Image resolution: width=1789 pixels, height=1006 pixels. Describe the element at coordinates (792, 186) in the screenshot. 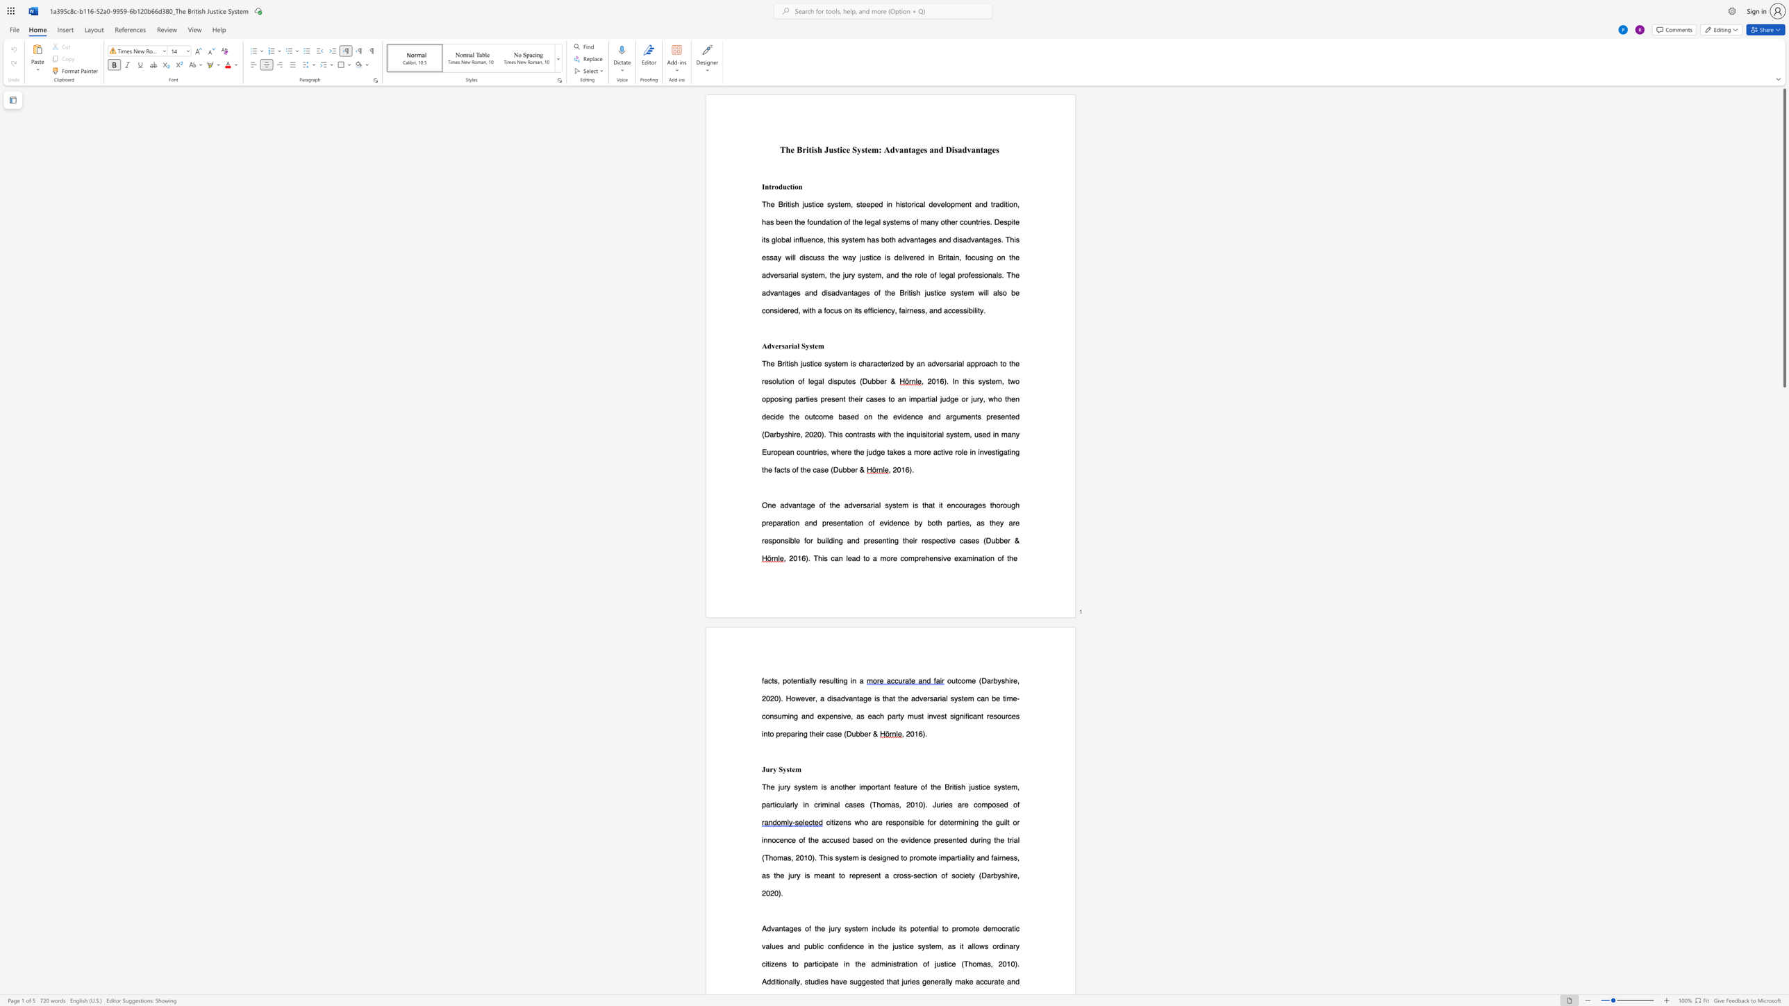

I see `the subset text "io" within the text "Introduction"` at that location.